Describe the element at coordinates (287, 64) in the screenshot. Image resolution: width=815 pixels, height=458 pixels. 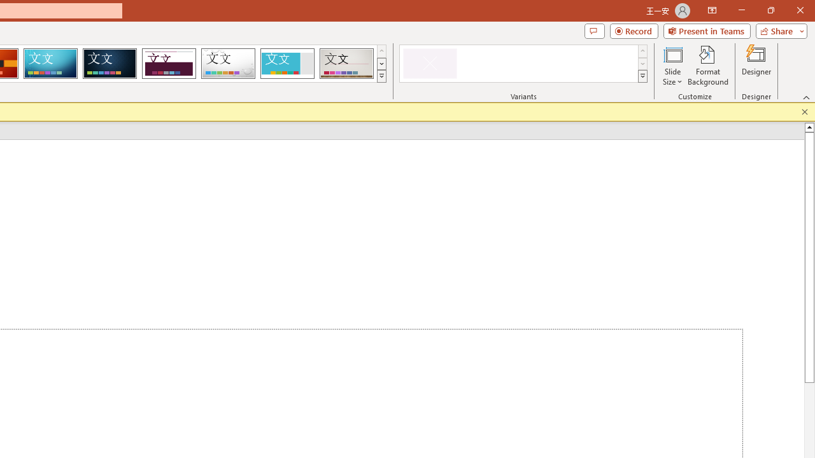
I see `'Frame'` at that location.